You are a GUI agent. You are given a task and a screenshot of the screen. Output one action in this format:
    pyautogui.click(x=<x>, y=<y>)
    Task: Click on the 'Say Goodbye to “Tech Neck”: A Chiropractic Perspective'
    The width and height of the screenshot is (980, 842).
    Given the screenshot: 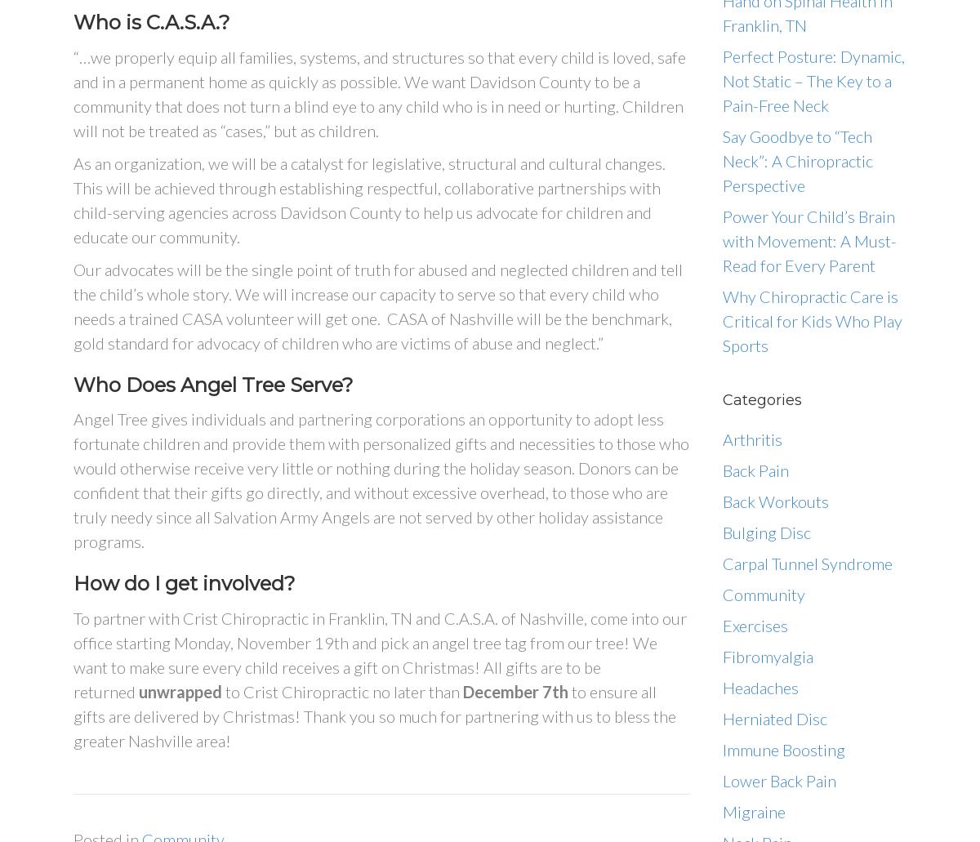 What is the action you would take?
    pyautogui.click(x=798, y=160)
    